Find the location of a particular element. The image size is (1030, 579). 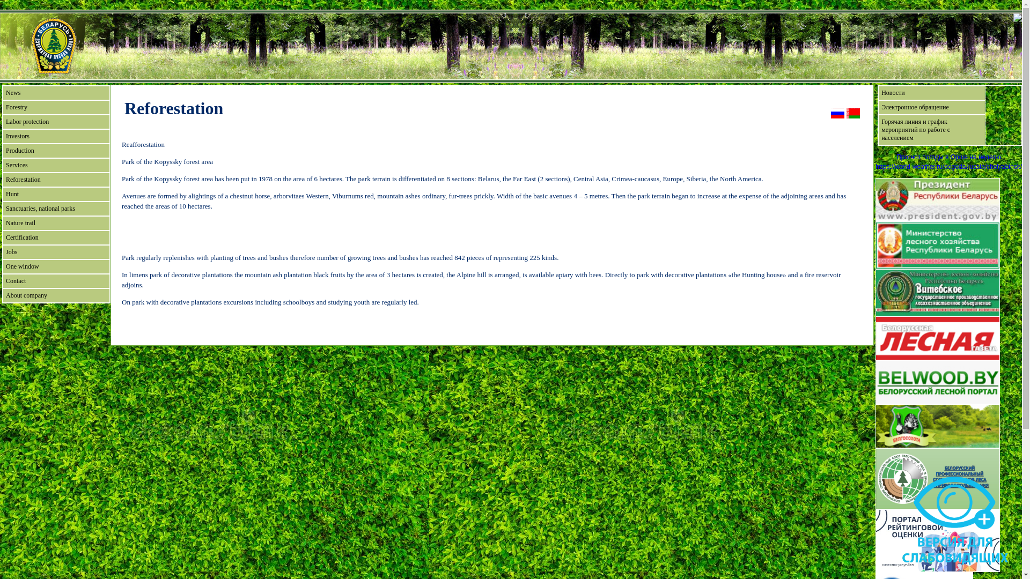

'Nature trail' is located at coordinates (56, 222).